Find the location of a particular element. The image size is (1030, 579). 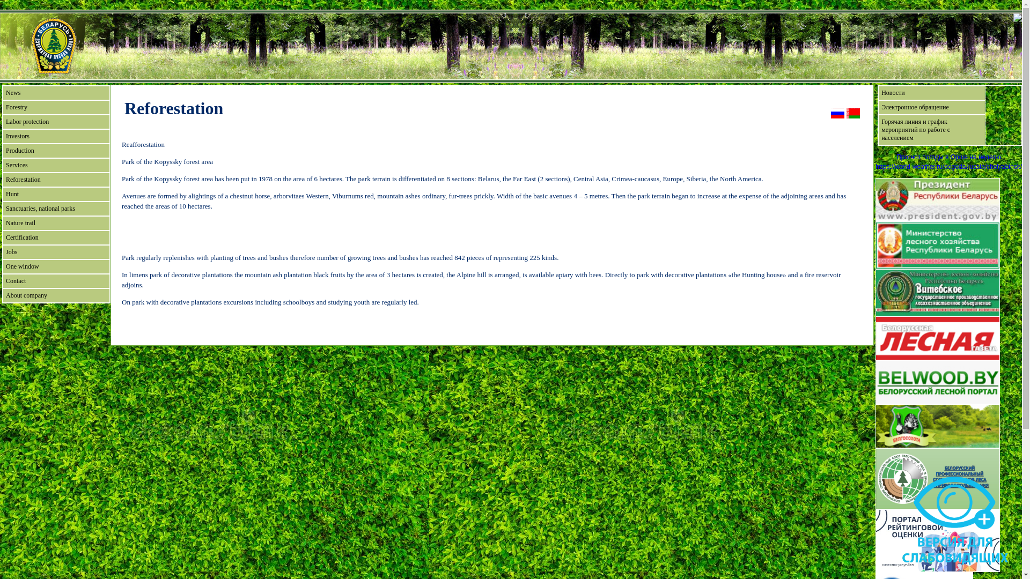

'Nature trail' is located at coordinates (56, 222).